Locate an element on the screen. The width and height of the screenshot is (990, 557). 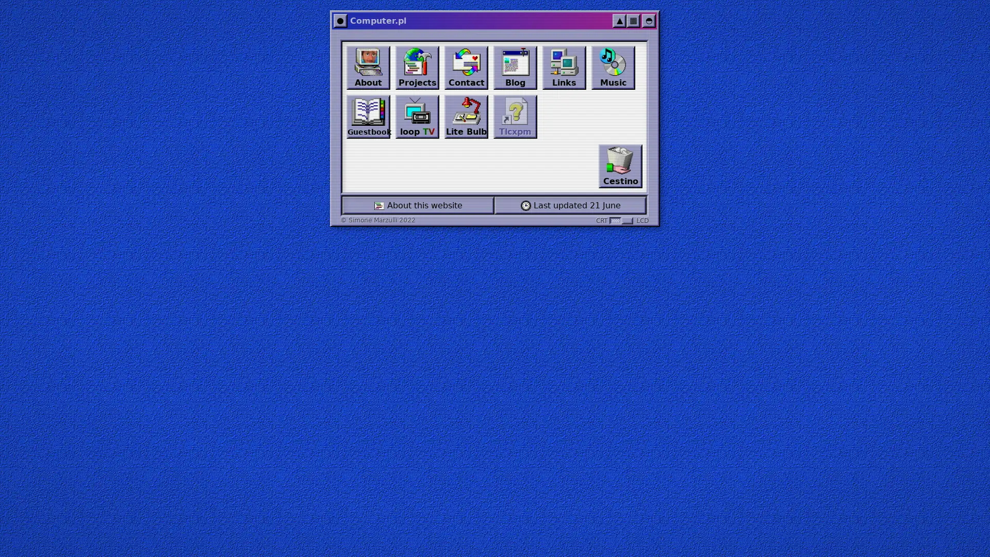
loop TV loop TV is located at coordinates (417, 116).